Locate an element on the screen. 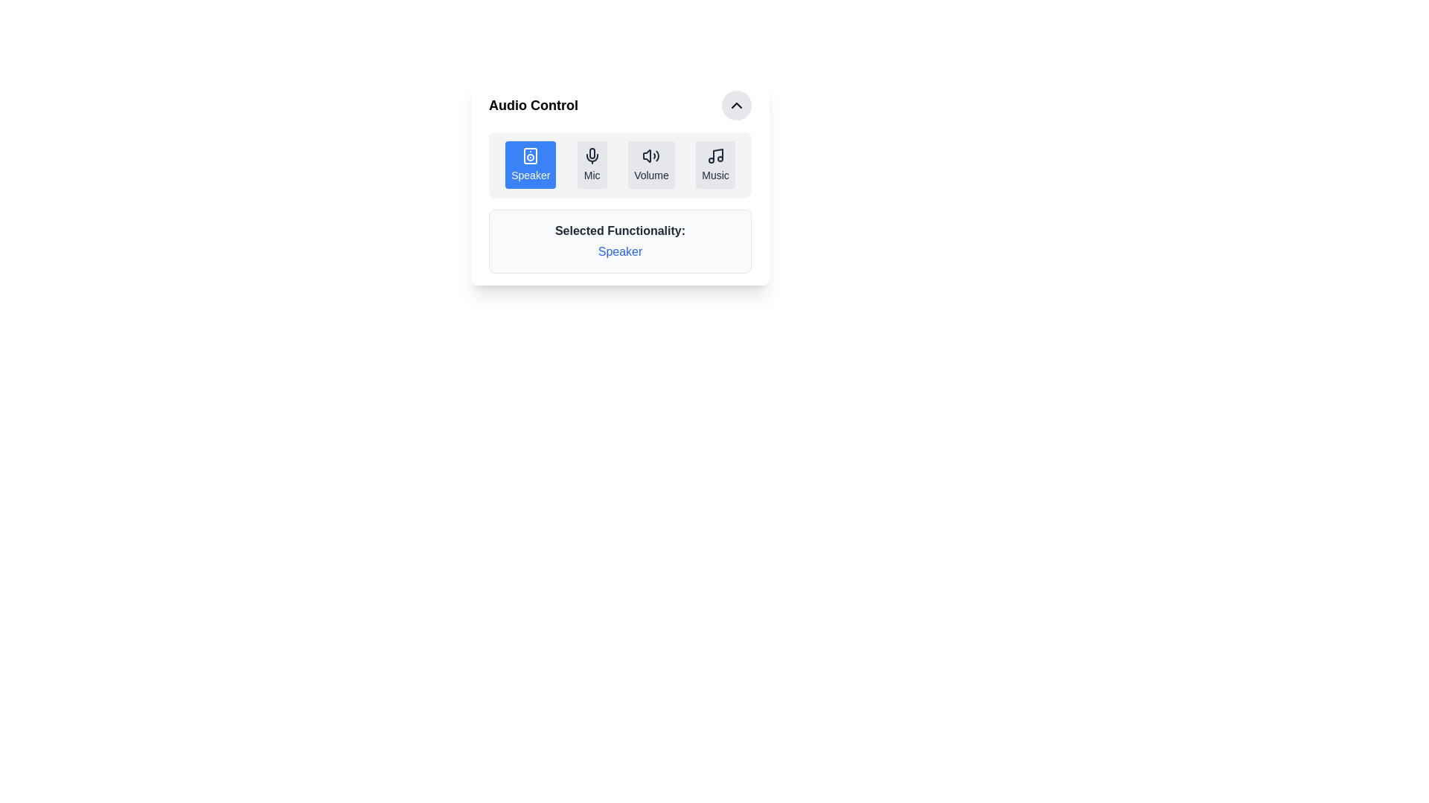 Image resolution: width=1429 pixels, height=803 pixels. the Chevron Up icon located at the top-right corner of the interface is located at coordinates (736, 105).